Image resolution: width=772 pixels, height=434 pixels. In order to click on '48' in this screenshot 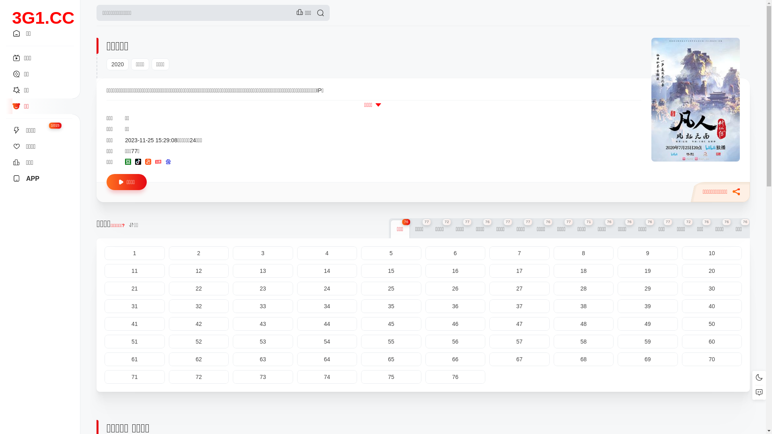, I will do `click(583, 323)`.